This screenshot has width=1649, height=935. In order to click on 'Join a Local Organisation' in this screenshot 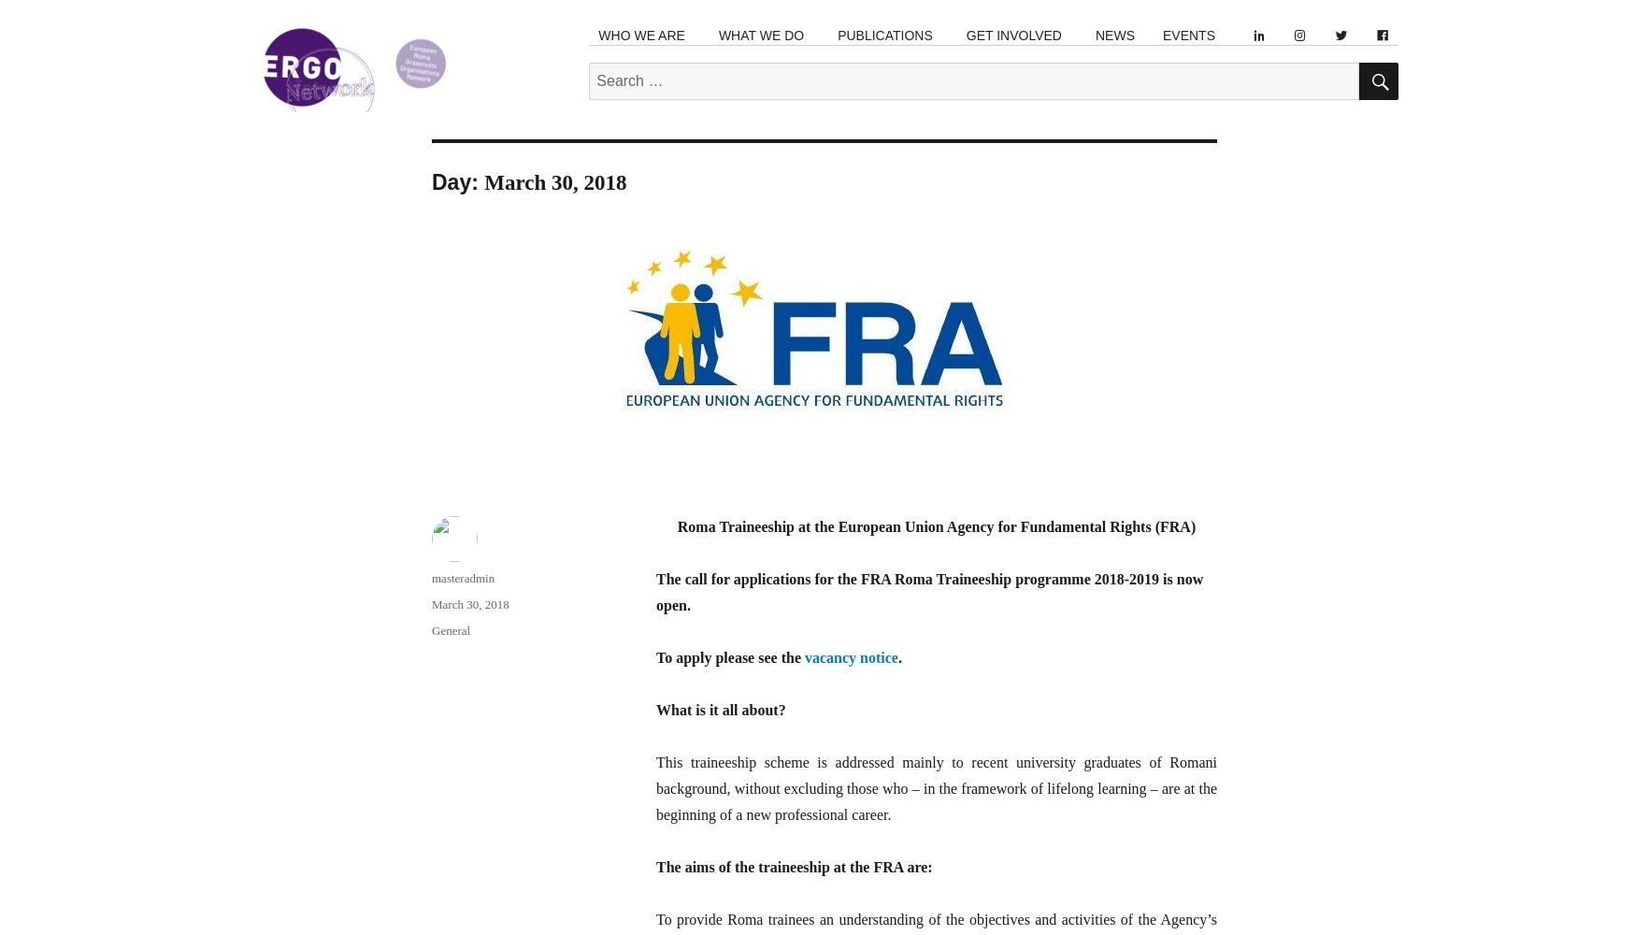, I will do `click(1040, 126)`.